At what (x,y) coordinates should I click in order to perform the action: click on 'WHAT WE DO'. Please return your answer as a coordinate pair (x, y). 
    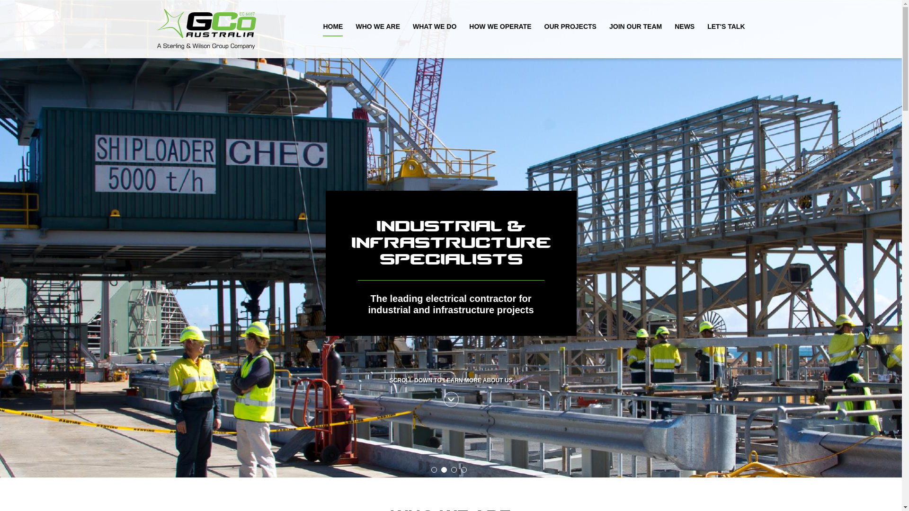
    Looking at the image, I should click on (434, 26).